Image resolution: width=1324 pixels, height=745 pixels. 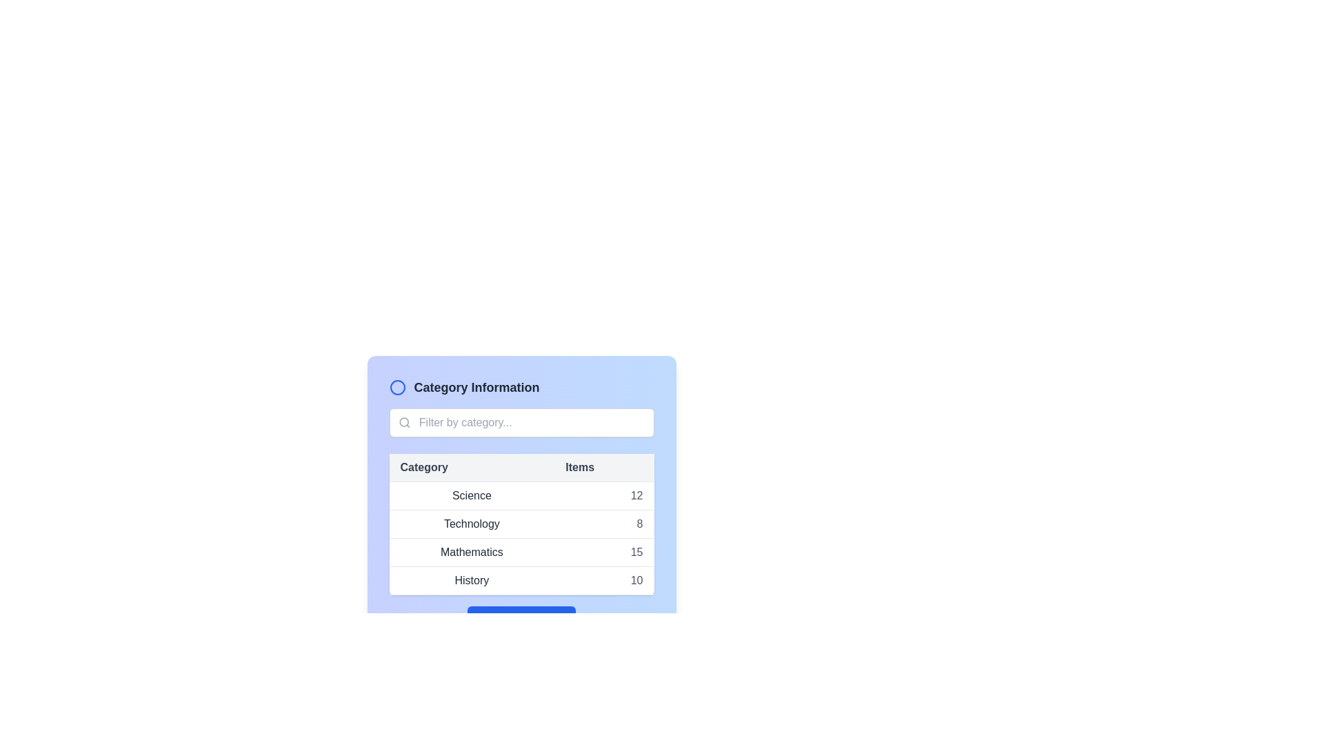 I want to click on numerical value '15' displayed in the second cell of the 'Mathematics' row under the 'Items' column in the table, so click(x=604, y=552).